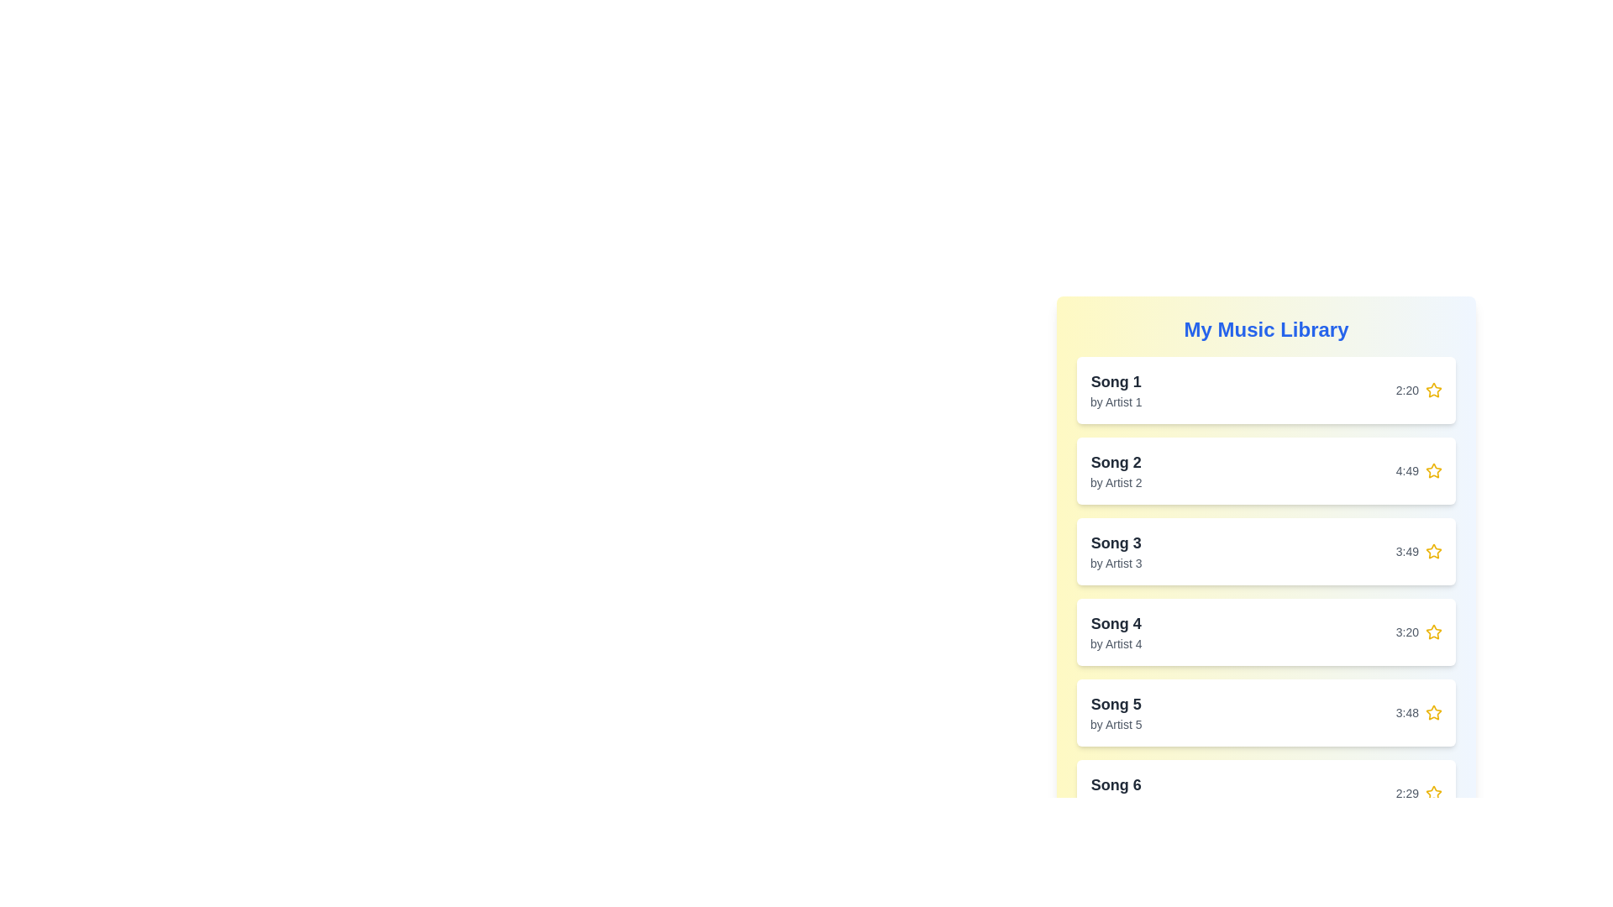 This screenshot has width=1613, height=907. Describe the element at coordinates (1116, 564) in the screenshot. I see `the text label that reads 'by Artist 3', which is styled in a smaller gray font and located below the title 'Song 3' in the music library interface` at that location.